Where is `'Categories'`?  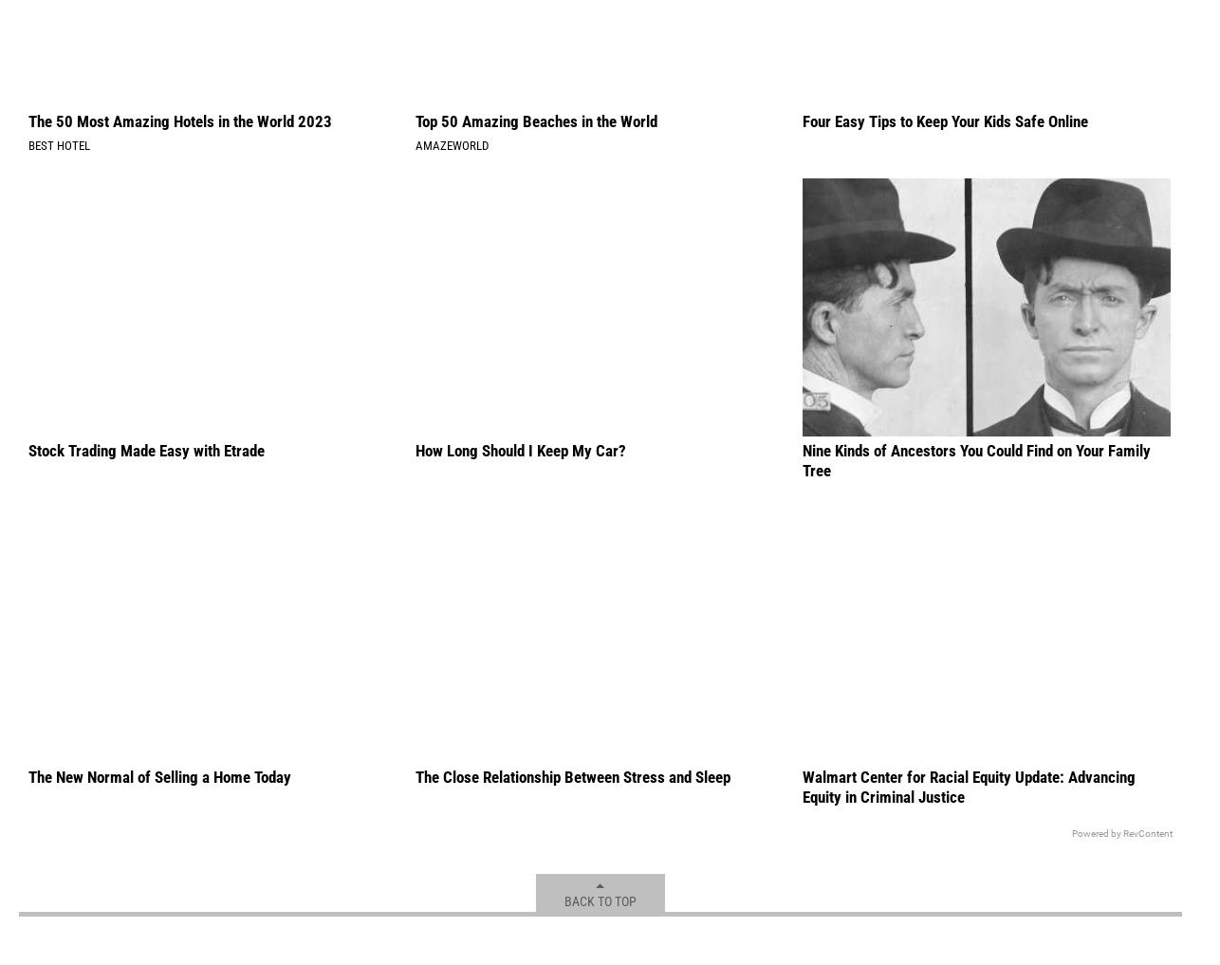 'Categories' is located at coordinates (145, 61).